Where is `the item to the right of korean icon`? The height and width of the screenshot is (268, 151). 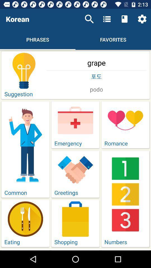 the item to the right of korean icon is located at coordinates (89, 19).